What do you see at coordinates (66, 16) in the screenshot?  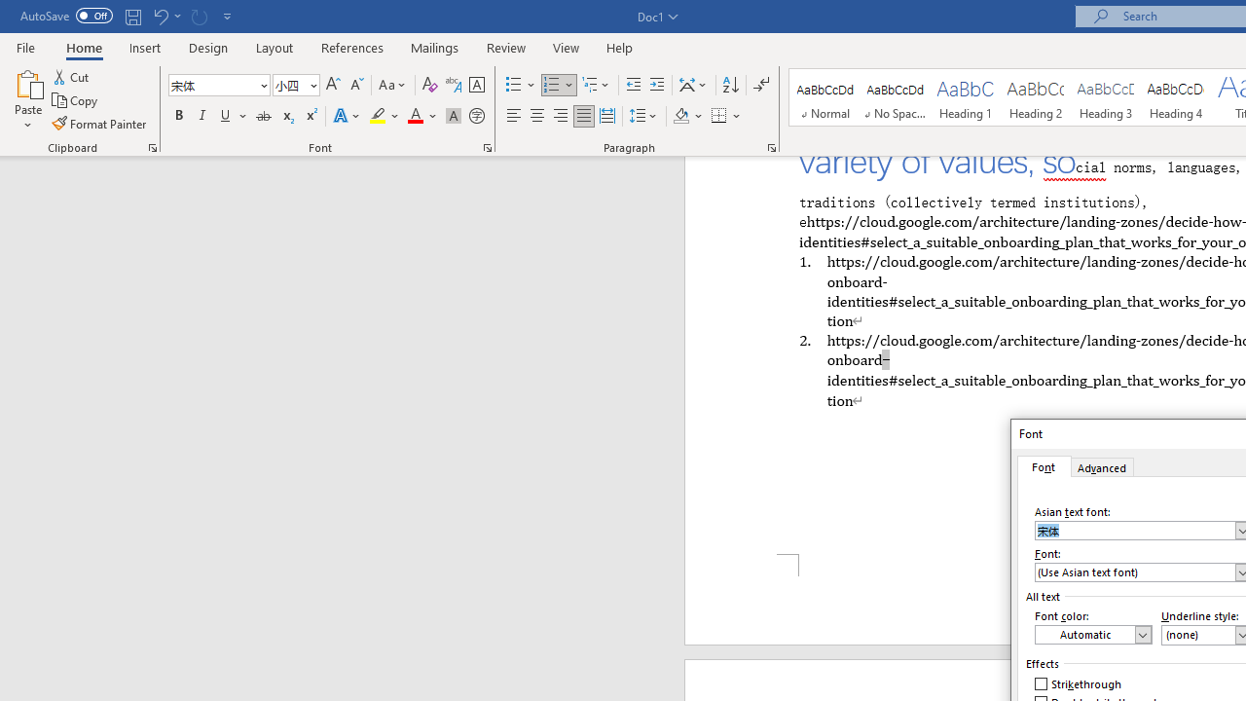 I see `'AutoSave'` at bounding box center [66, 16].